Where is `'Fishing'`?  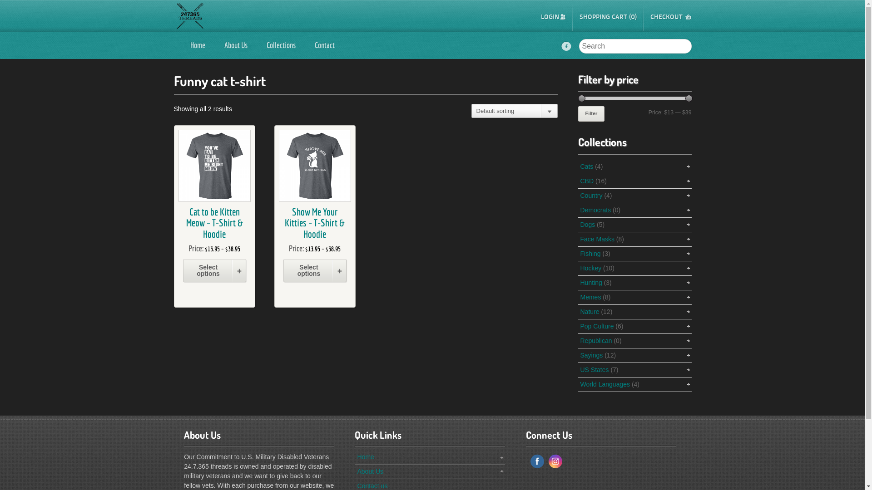
'Fishing' is located at coordinates (590, 254).